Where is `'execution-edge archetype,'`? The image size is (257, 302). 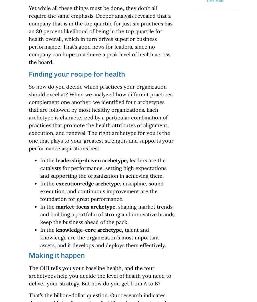 'execution-edge archetype,' is located at coordinates (88, 183).